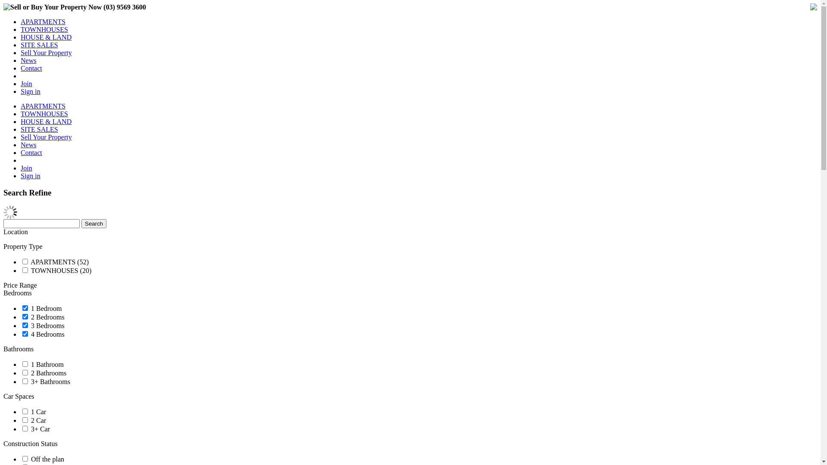  I want to click on 'News', so click(21, 60).